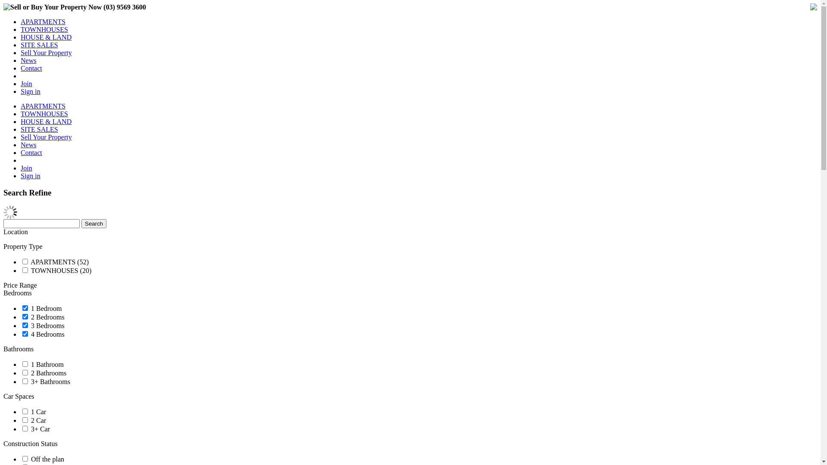  I want to click on 'News', so click(21, 60).